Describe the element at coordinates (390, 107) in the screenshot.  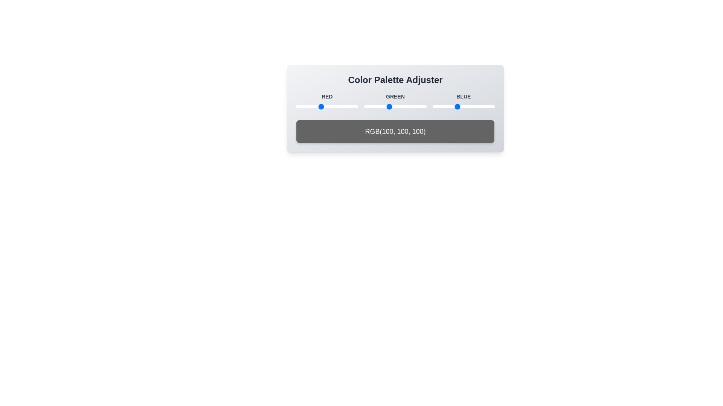
I see `the green color value to 108 by adjusting the slider` at that location.